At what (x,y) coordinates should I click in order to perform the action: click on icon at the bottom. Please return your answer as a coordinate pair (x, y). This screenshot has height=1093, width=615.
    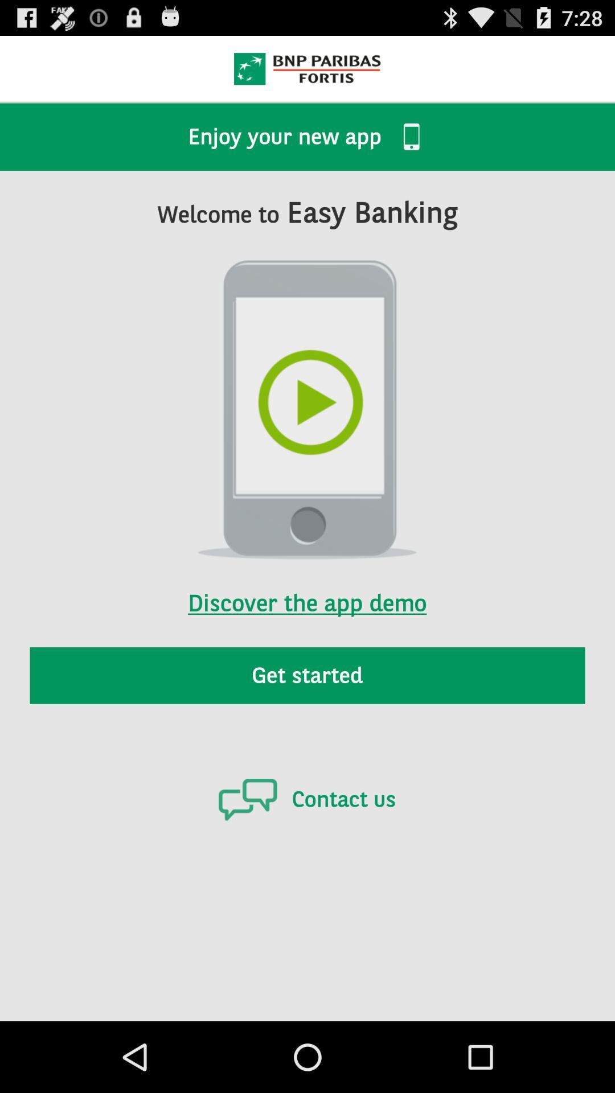
    Looking at the image, I should click on (306, 799).